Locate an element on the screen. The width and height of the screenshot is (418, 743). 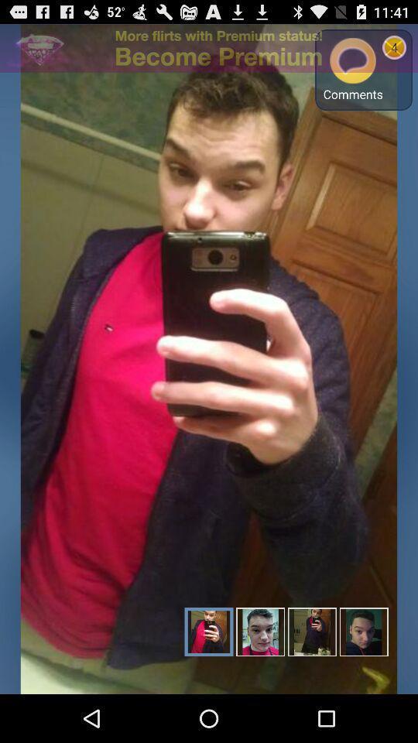
the comments button is located at coordinates (353, 70).